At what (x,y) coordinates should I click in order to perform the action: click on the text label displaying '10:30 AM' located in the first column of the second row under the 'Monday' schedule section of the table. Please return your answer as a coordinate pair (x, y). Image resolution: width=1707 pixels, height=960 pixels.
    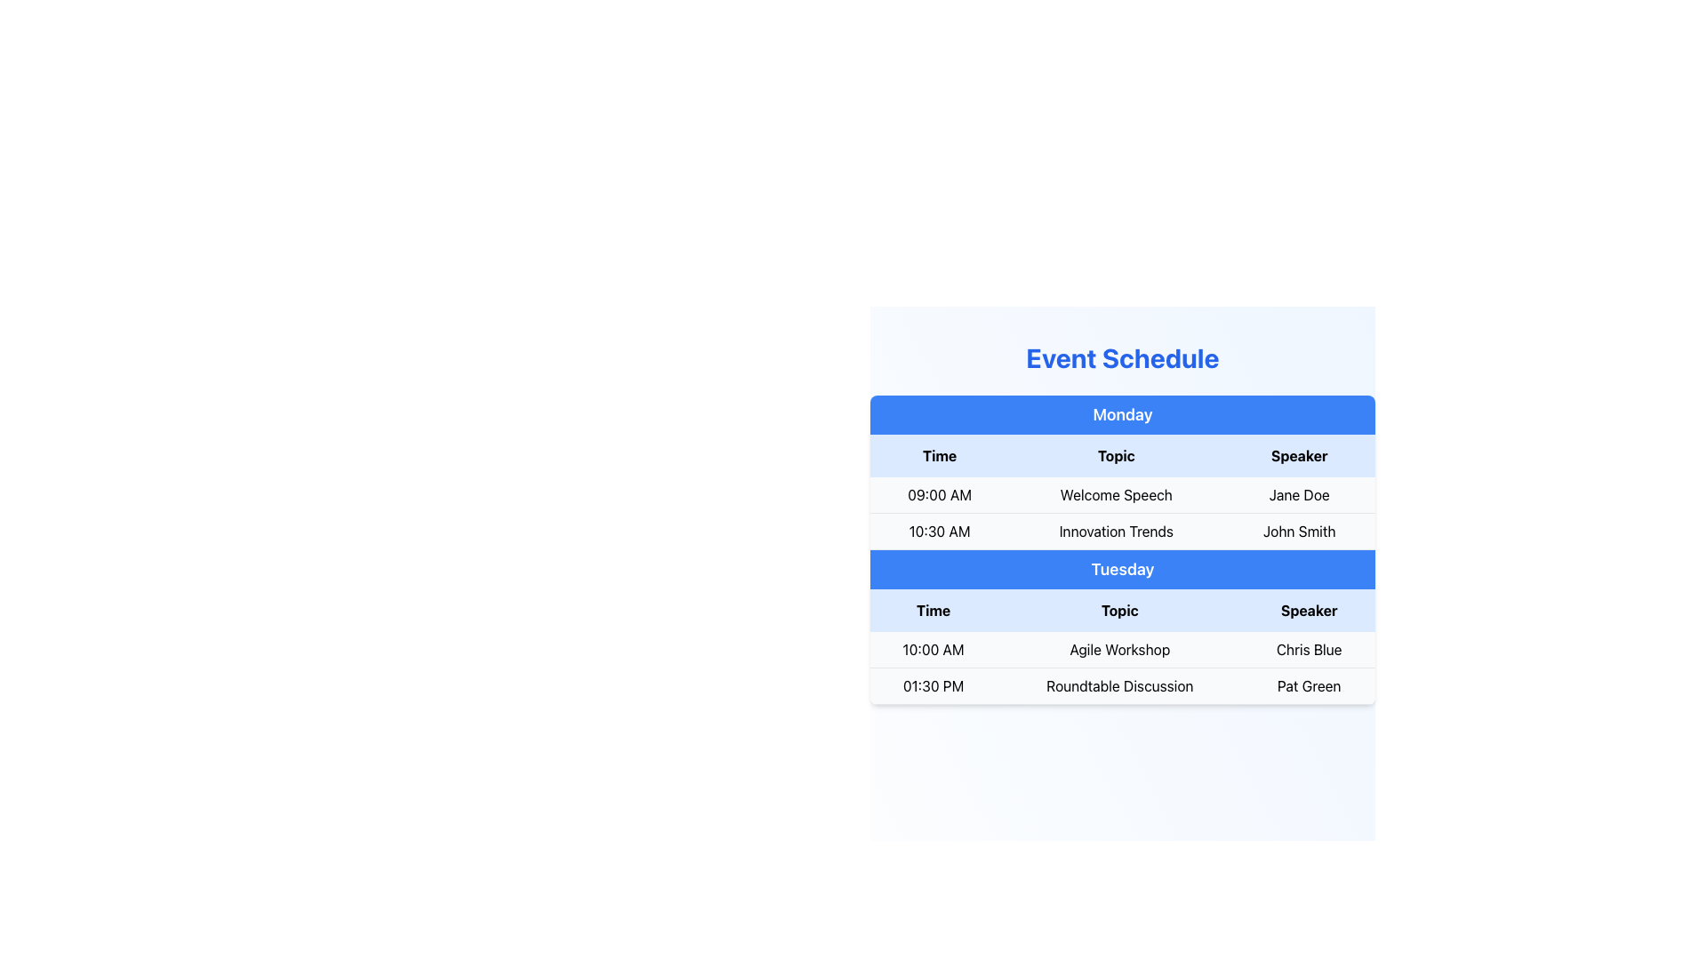
    Looking at the image, I should click on (939, 530).